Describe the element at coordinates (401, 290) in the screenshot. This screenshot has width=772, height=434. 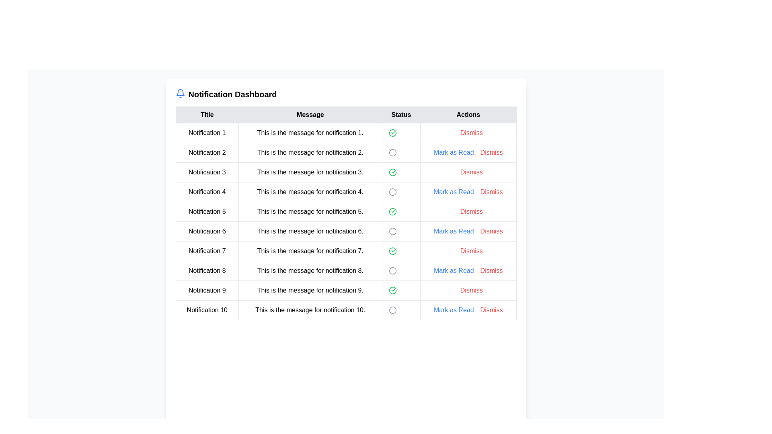
I see `the status indicator for 'Notification 9', which shows a completed state with a green checkmark icon, located in the 'Status' column` at that location.